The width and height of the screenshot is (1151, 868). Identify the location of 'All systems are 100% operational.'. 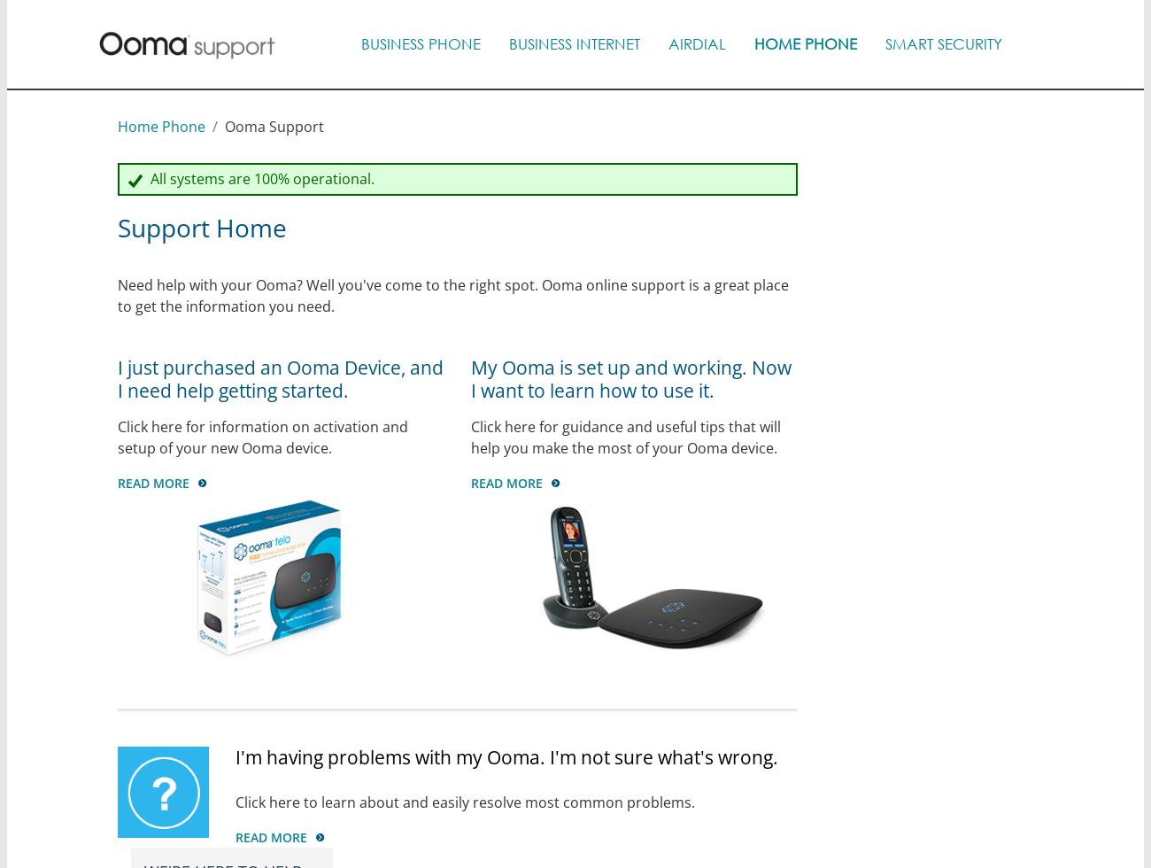
(259, 178).